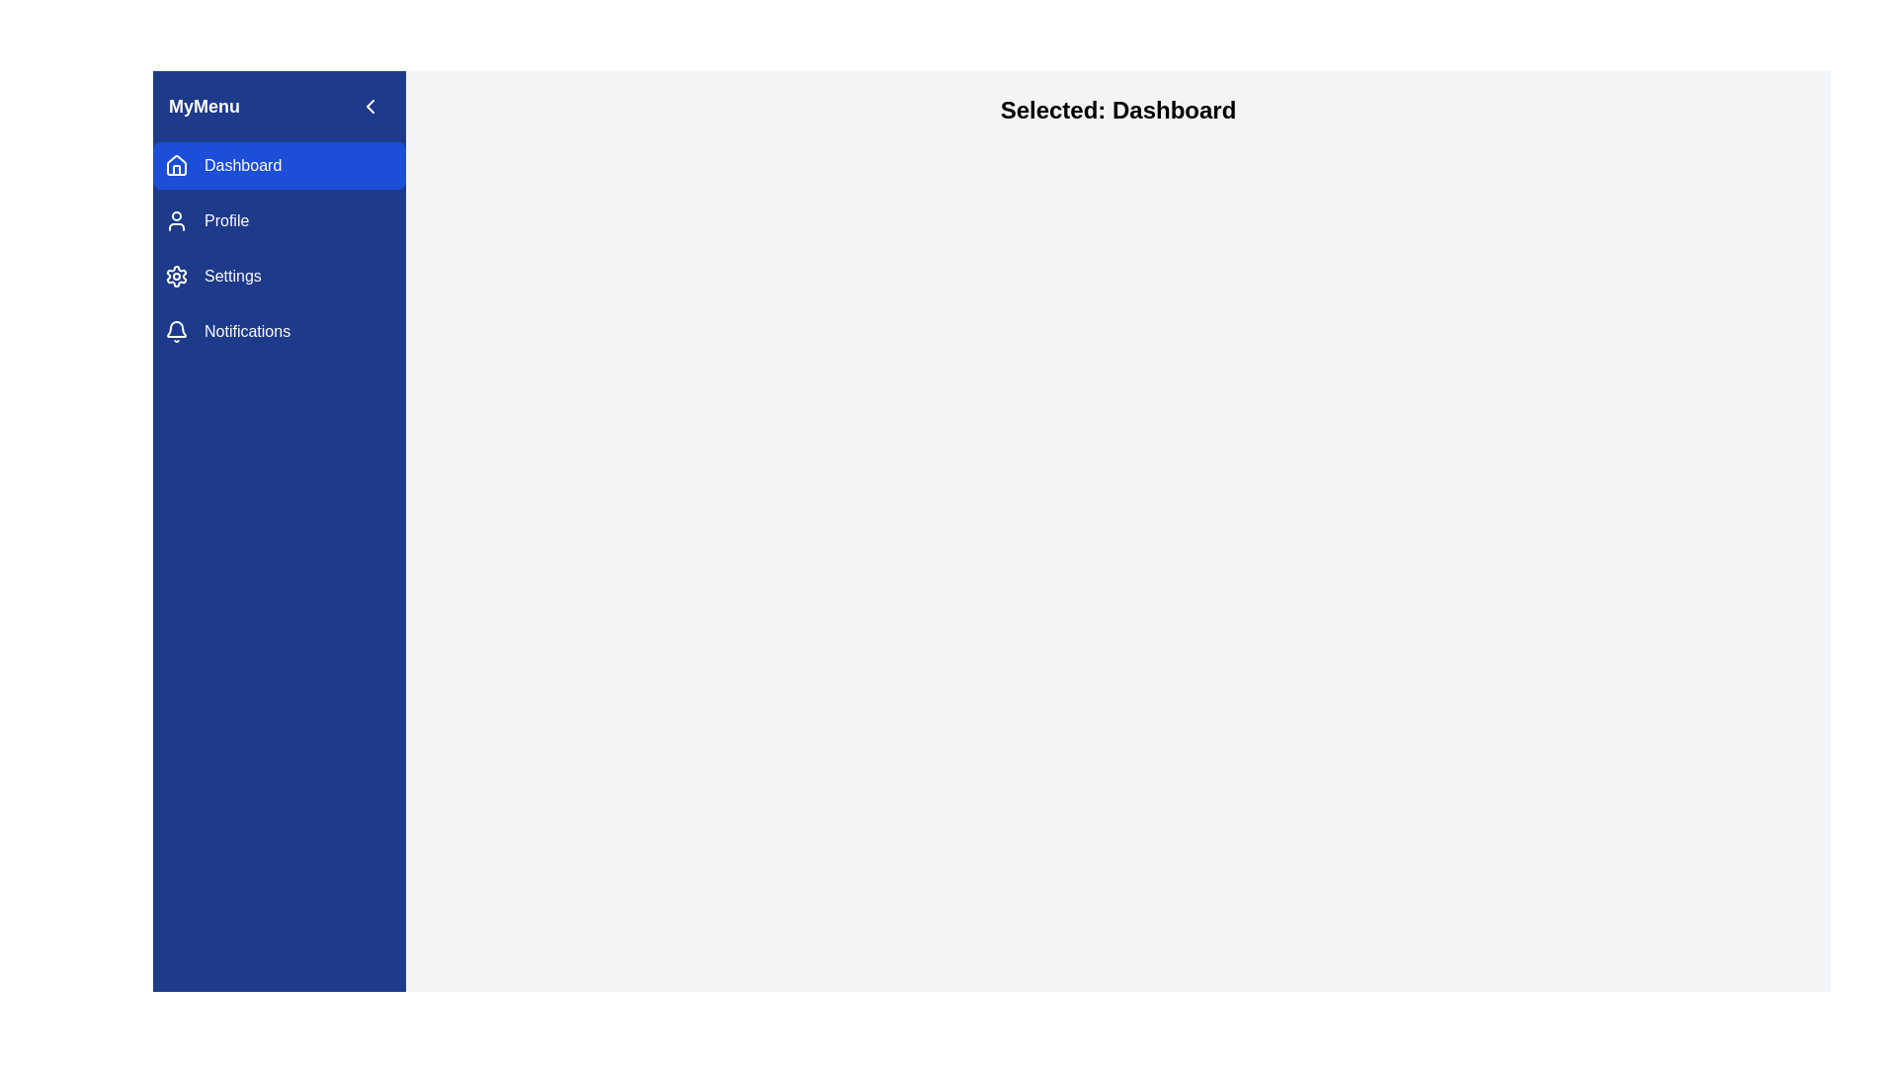  Describe the element at coordinates (176, 163) in the screenshot. I see `the house-shaped icon on the blue background located in the vertical sidebar navigation menu` at that location.